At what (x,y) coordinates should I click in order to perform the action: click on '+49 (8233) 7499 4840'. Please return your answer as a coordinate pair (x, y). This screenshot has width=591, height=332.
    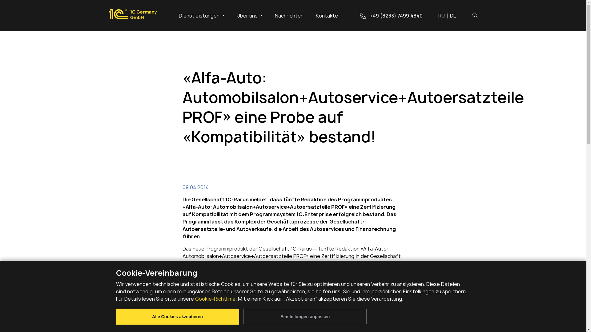
    Looking at the image, I should click on (391, 15).